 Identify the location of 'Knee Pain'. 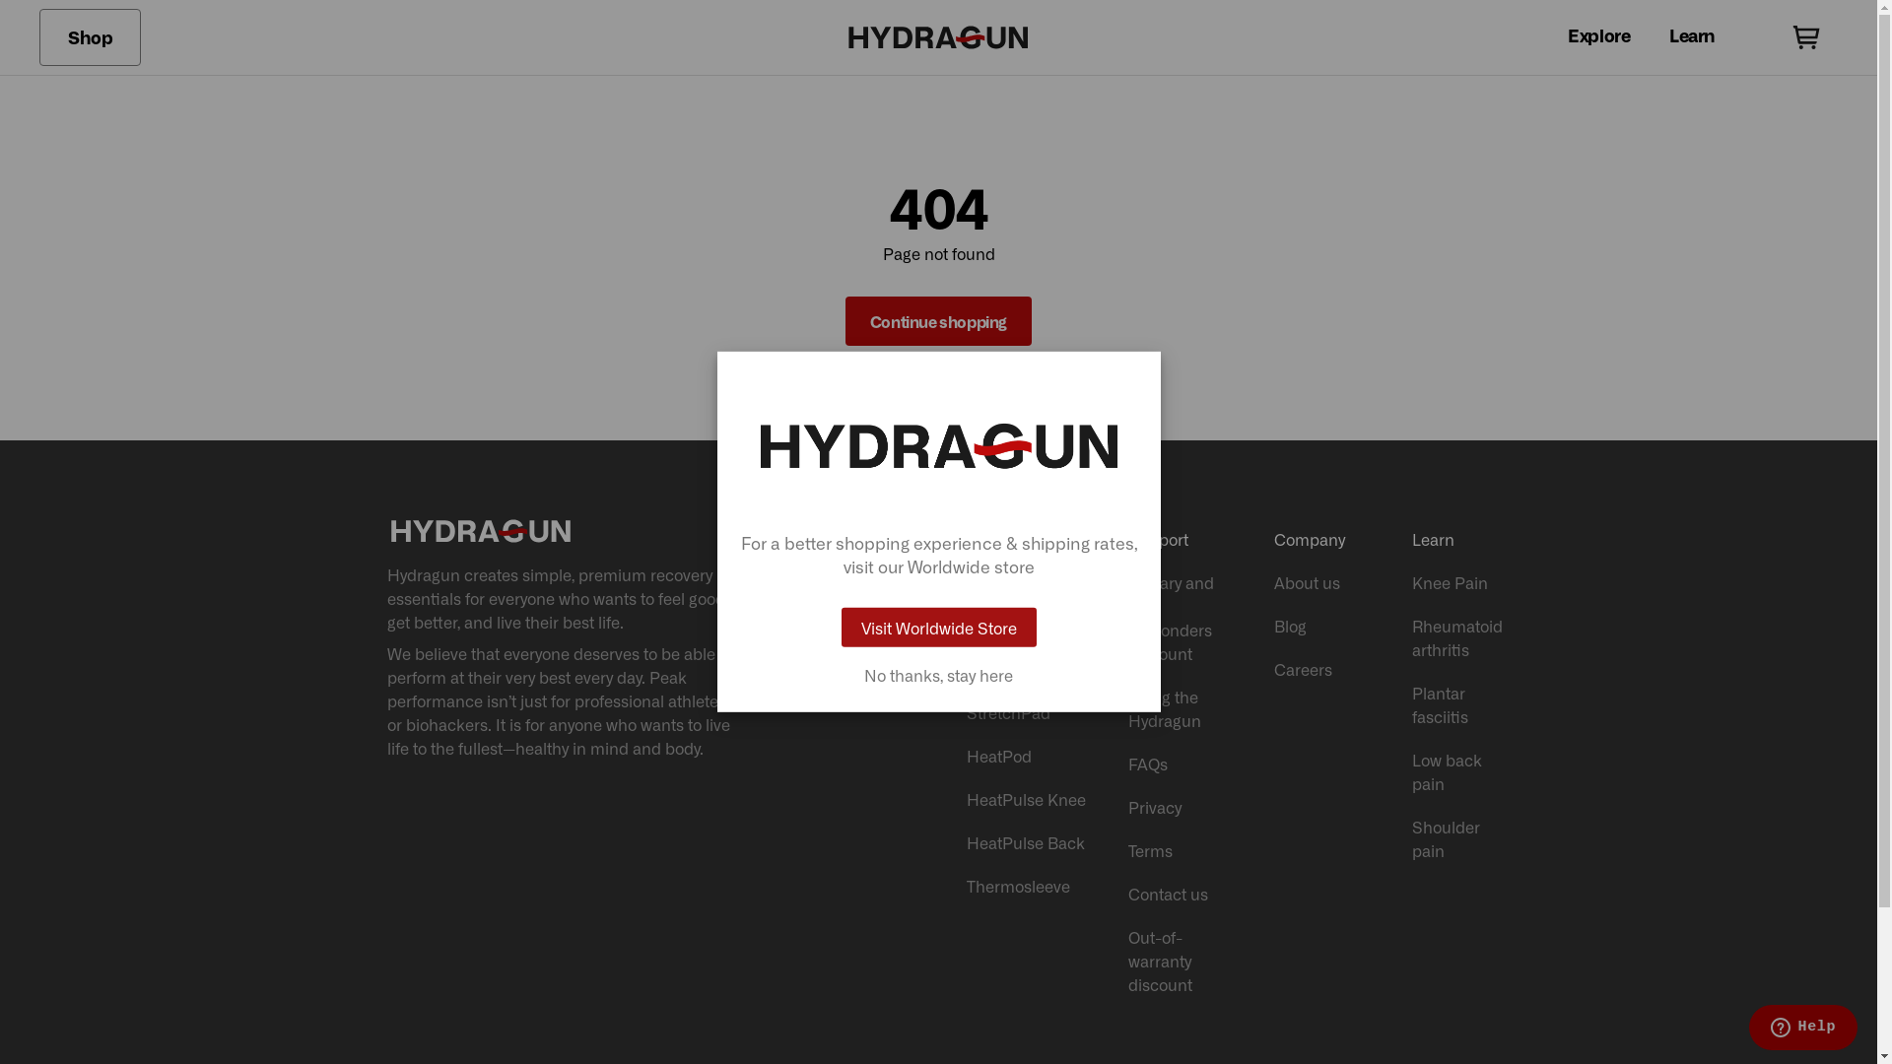
(1460, 580).